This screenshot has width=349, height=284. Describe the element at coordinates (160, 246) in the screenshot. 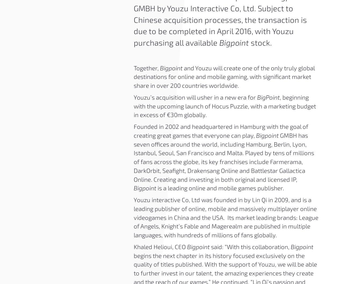

I see `'Khaled Helioui, CEO'` at that location.